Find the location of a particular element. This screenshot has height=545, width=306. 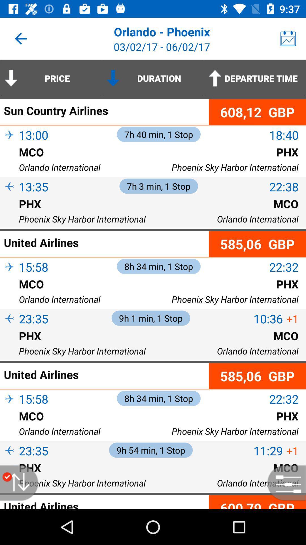

the sliders icon is located at coordinates (284, 483).